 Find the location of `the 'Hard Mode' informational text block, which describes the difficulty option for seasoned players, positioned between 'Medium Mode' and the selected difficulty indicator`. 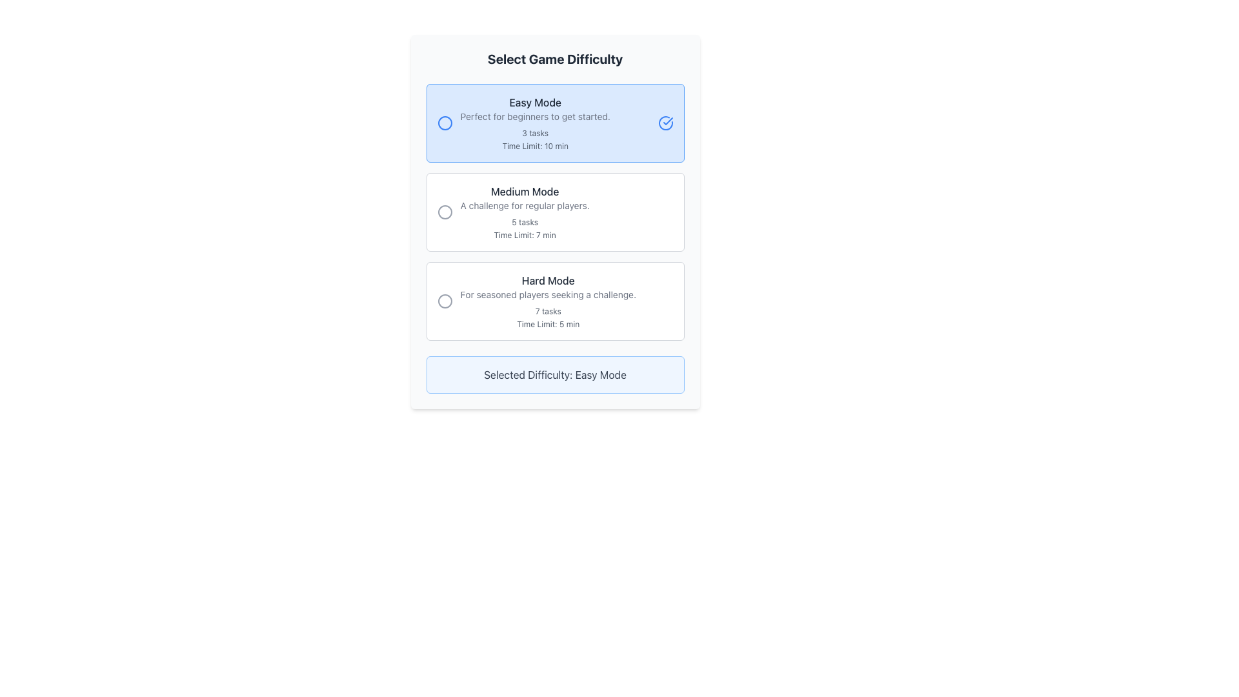

the 'Hard Mode' informational text block, which describes the difficulty option for seasoned players, positioned between 'Medium Mode' and the selected difficulty indicator is located at coordinates (548, 301).